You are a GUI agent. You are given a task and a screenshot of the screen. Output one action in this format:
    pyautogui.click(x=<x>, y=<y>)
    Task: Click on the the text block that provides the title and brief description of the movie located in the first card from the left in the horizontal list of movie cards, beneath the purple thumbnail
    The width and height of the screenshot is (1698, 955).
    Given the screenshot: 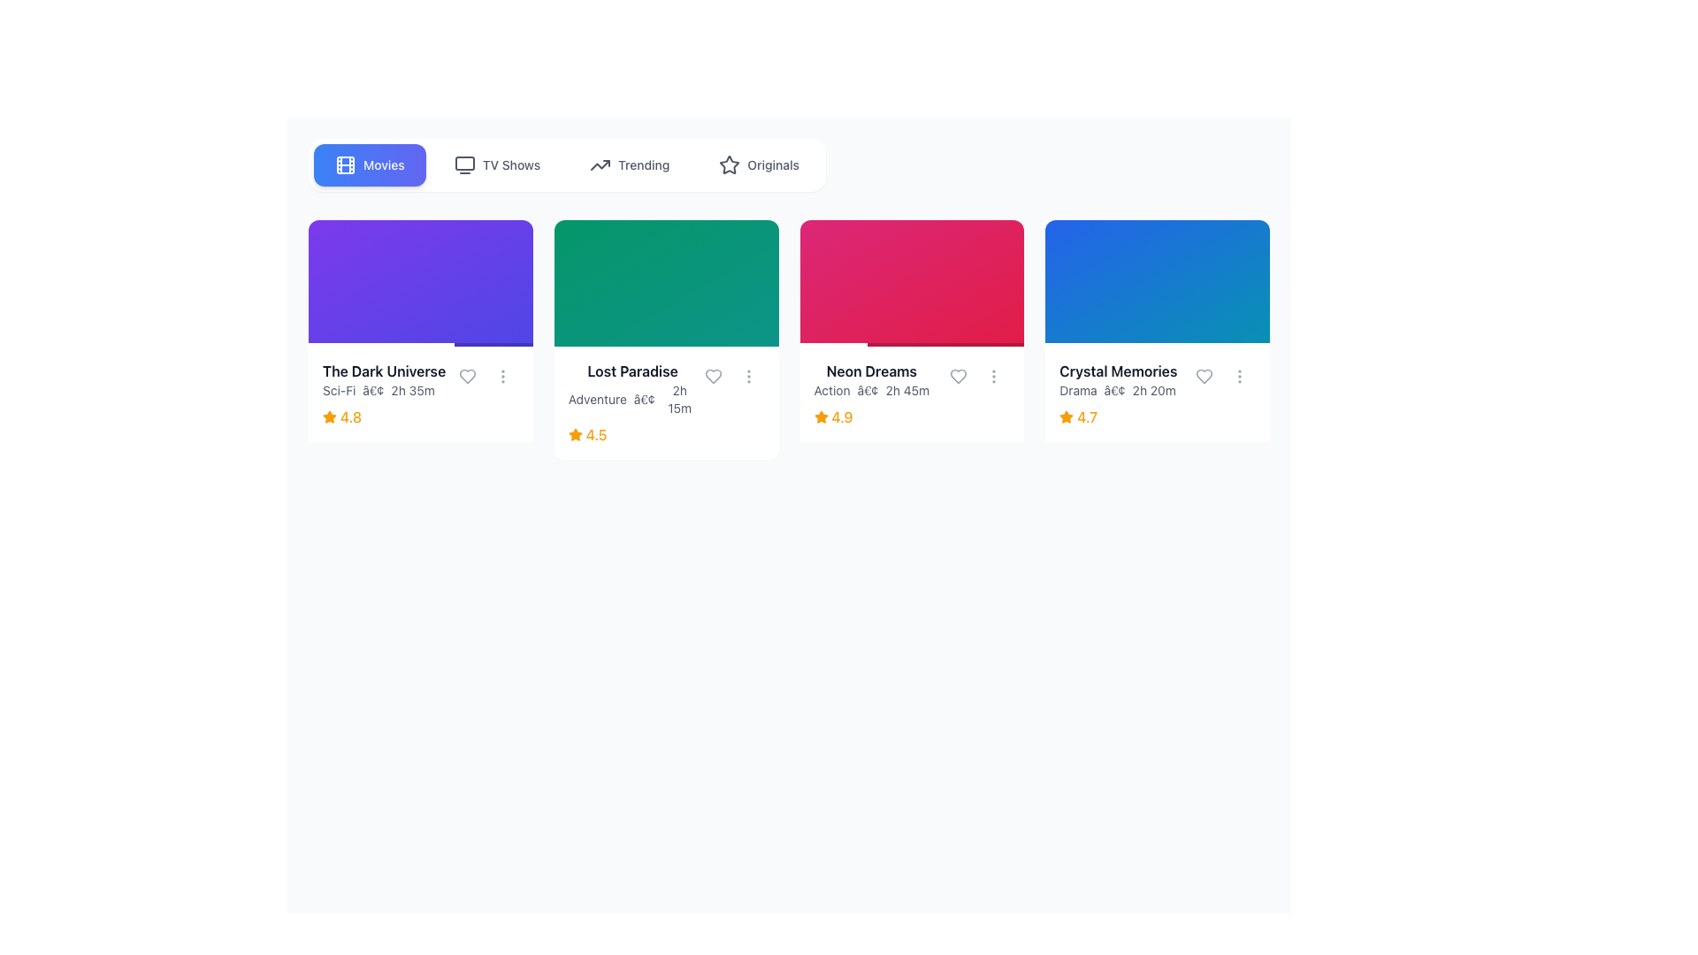 What is the action you would take?
    pyautogui.click(x=383, y=378)
    